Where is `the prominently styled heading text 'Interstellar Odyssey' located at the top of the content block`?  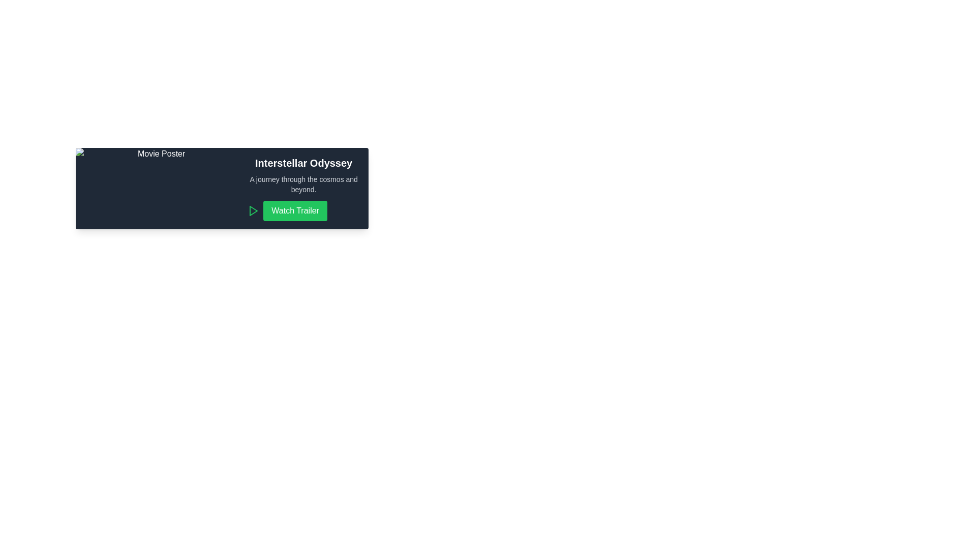 the prominently styled heading text 'Interstellar Odyssey' located at the top of the content block is located at coordinates (303, 162).